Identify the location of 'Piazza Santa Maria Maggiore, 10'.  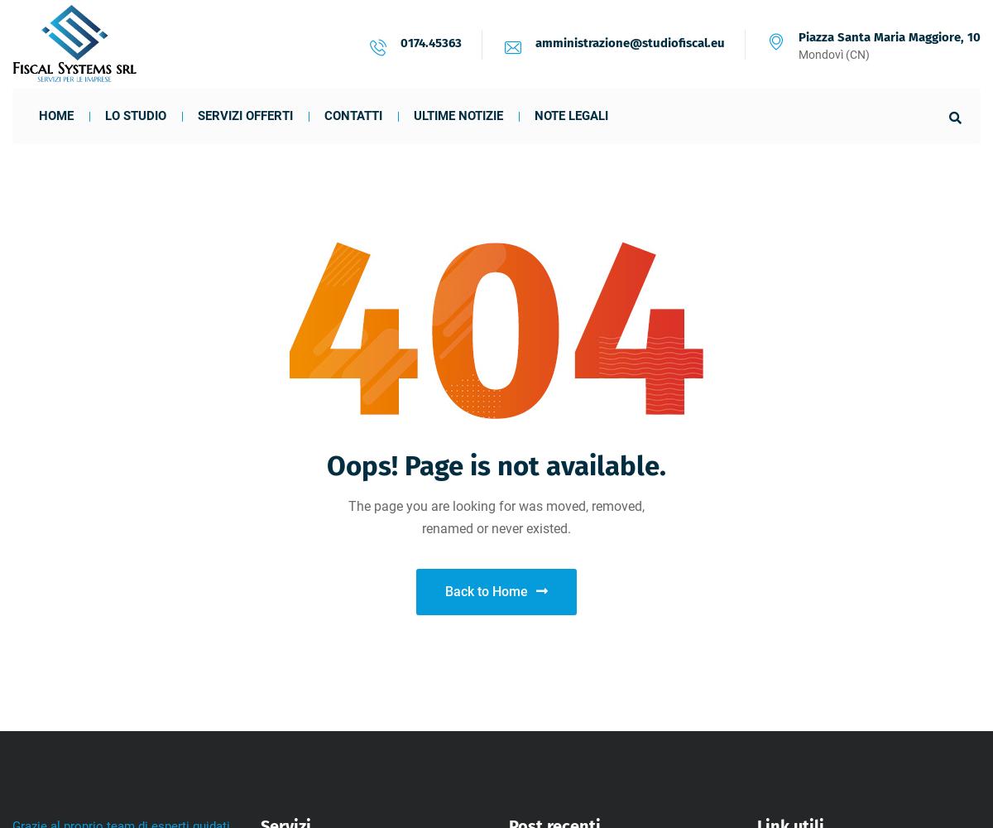
(888, 36).